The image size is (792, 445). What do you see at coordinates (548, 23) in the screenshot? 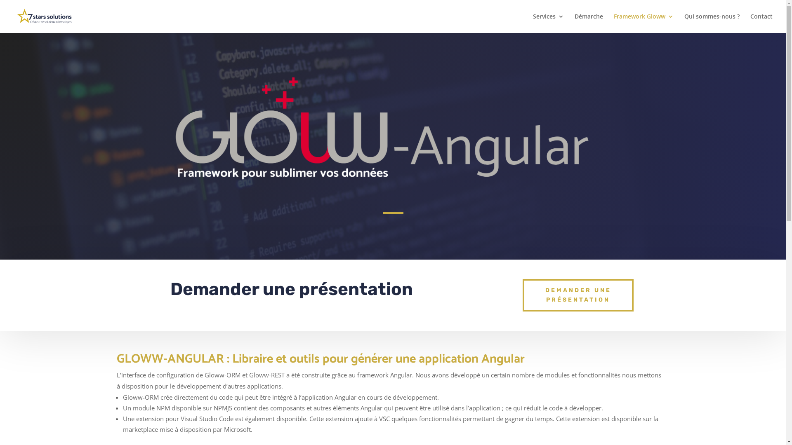
I see `'Services'` at bounding box center [548, 23].